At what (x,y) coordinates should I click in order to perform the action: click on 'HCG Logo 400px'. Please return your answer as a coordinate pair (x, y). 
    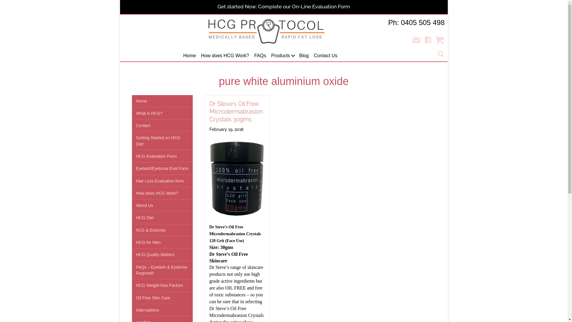
    Looking at the image, I should click on (266, 31).